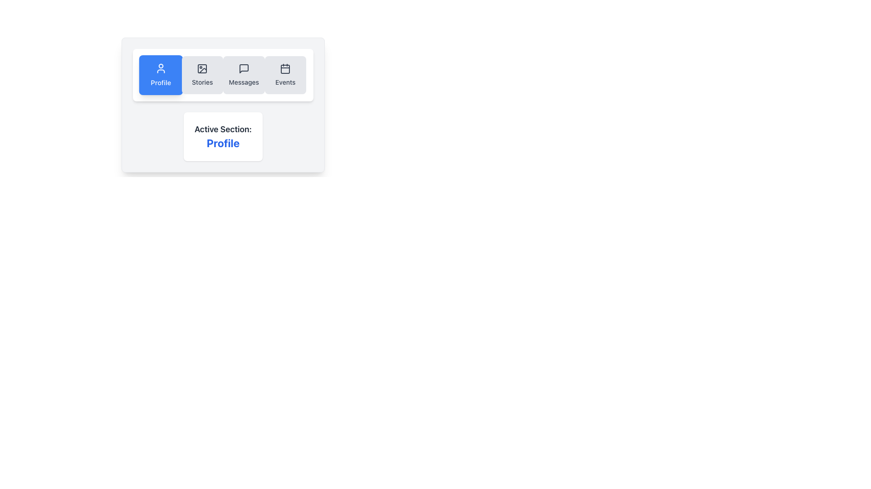 This screenshot has height=489, width=871. I want to click on the 'Messages' icon in the horizontal navigation menu, which is the third icon from the left, located between the 'Stories' and 'Events' icons, so click(244, 68).